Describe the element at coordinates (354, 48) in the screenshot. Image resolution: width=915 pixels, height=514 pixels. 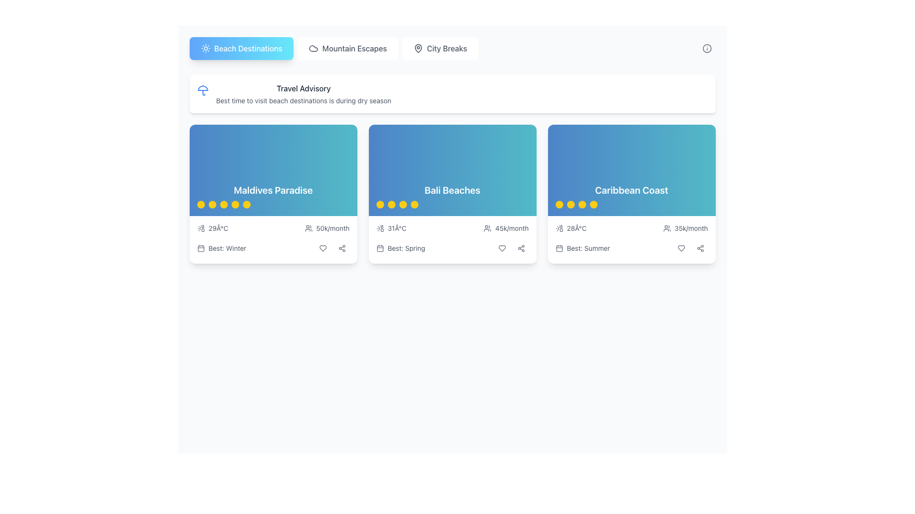
I see `the 'Mountain Escapes' text label in the navigation bar` at that location.